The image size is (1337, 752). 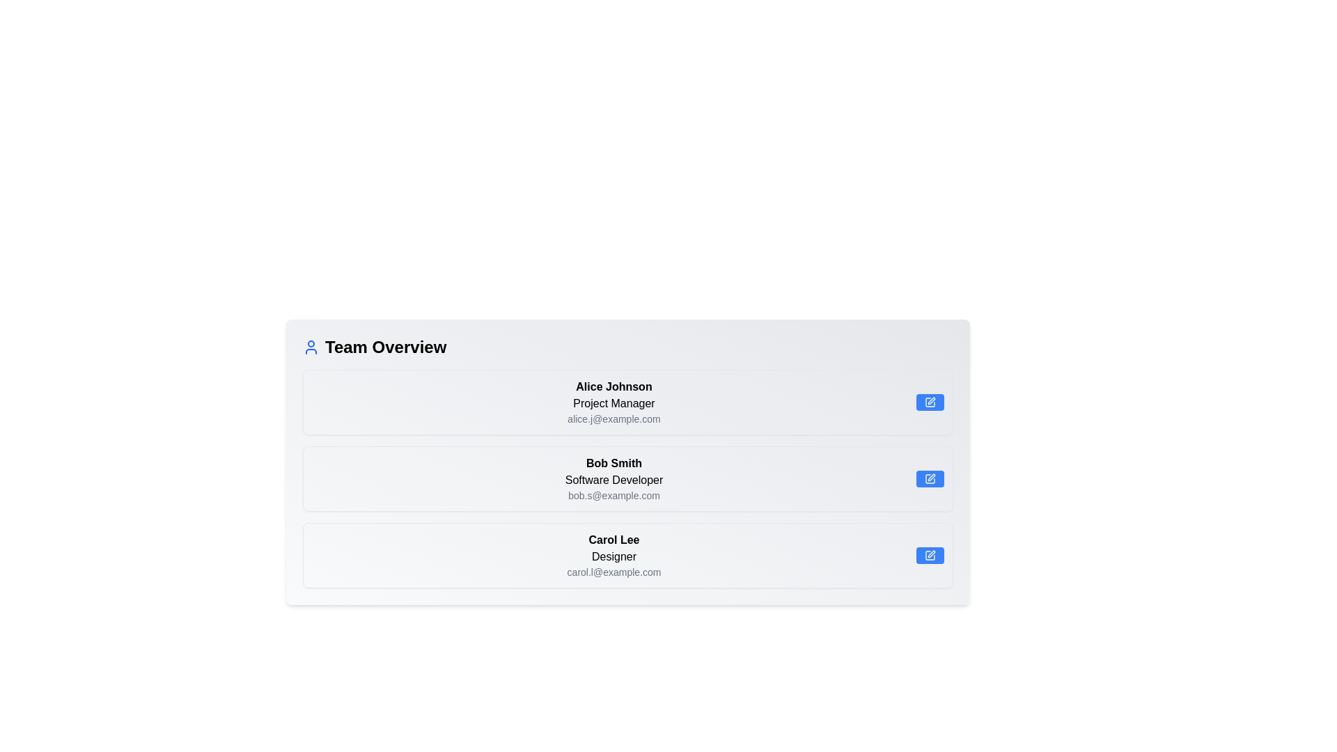 What do you see at coordinates (310, 346) in the screenshot?
I see `the blue user outline icon located to the left of the 'Team Overview' title in the header section` at bounding box center [310, 346].